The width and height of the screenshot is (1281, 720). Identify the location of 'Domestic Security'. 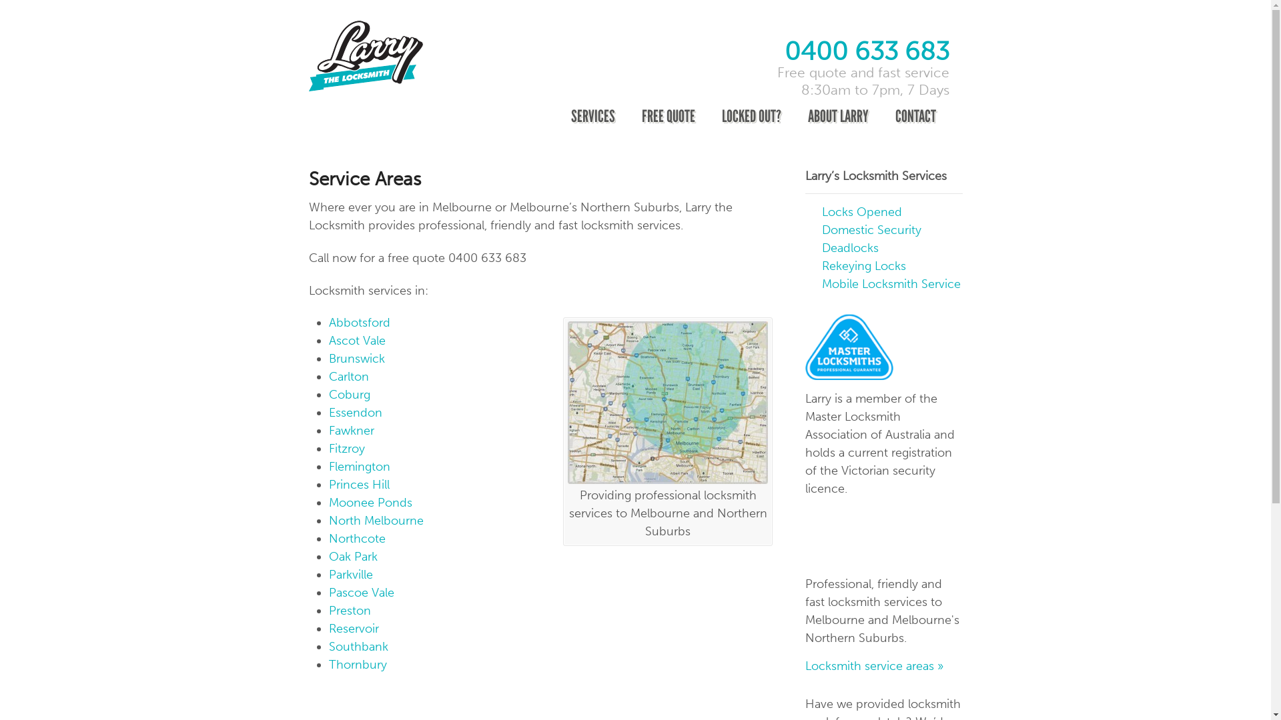
(821, 229).